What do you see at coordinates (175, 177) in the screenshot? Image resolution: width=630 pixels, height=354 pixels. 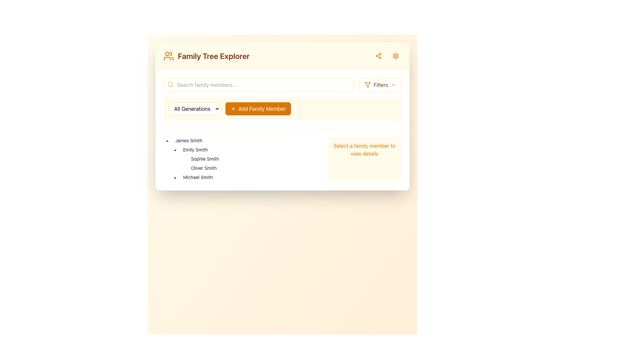 I see `the tree toggle control` at bounding box center [175, 177].